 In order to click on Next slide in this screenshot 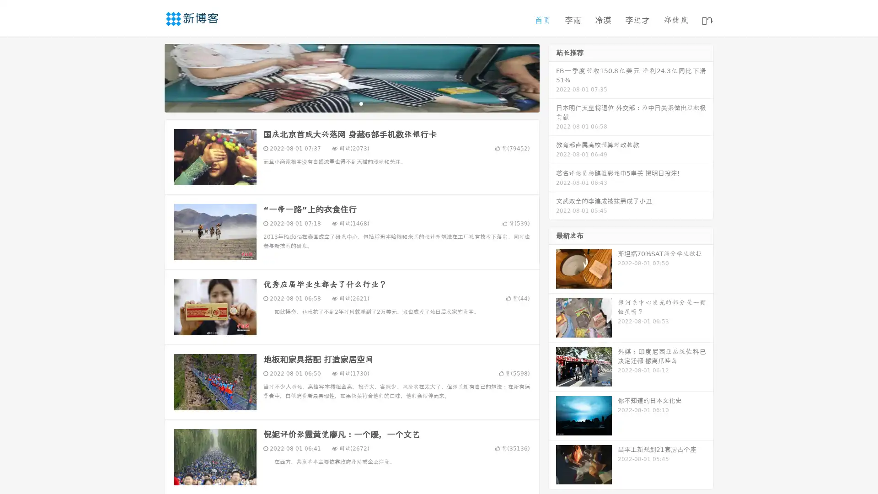, I will do `click(552, 77)`.